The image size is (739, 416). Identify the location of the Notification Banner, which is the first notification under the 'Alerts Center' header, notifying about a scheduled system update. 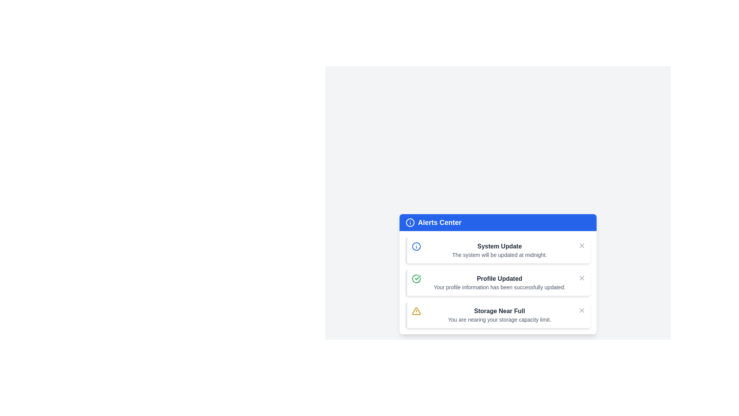
(498, 250).